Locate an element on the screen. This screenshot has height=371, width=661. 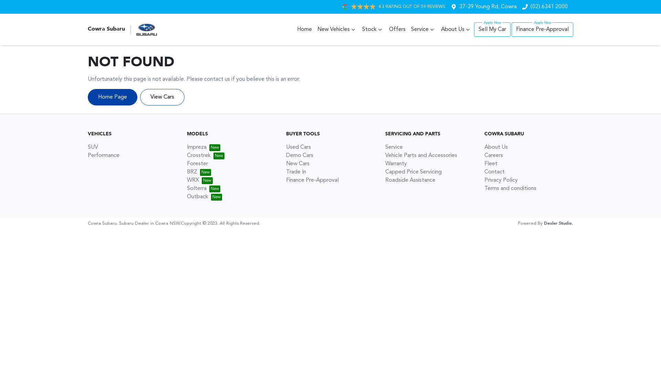
'SUV' is located at coordinates (92, 147).